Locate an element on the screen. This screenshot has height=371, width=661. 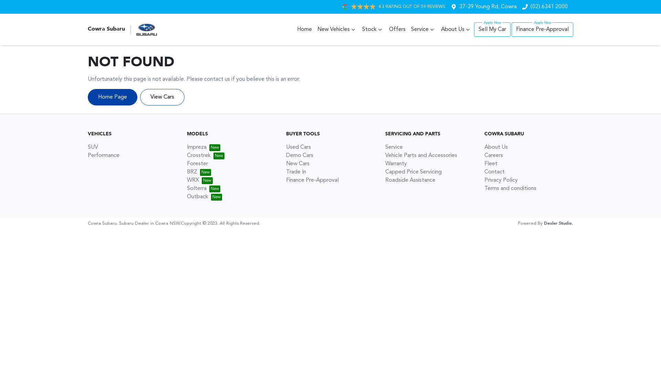
'SUV' is located at coordinates (92, 147).